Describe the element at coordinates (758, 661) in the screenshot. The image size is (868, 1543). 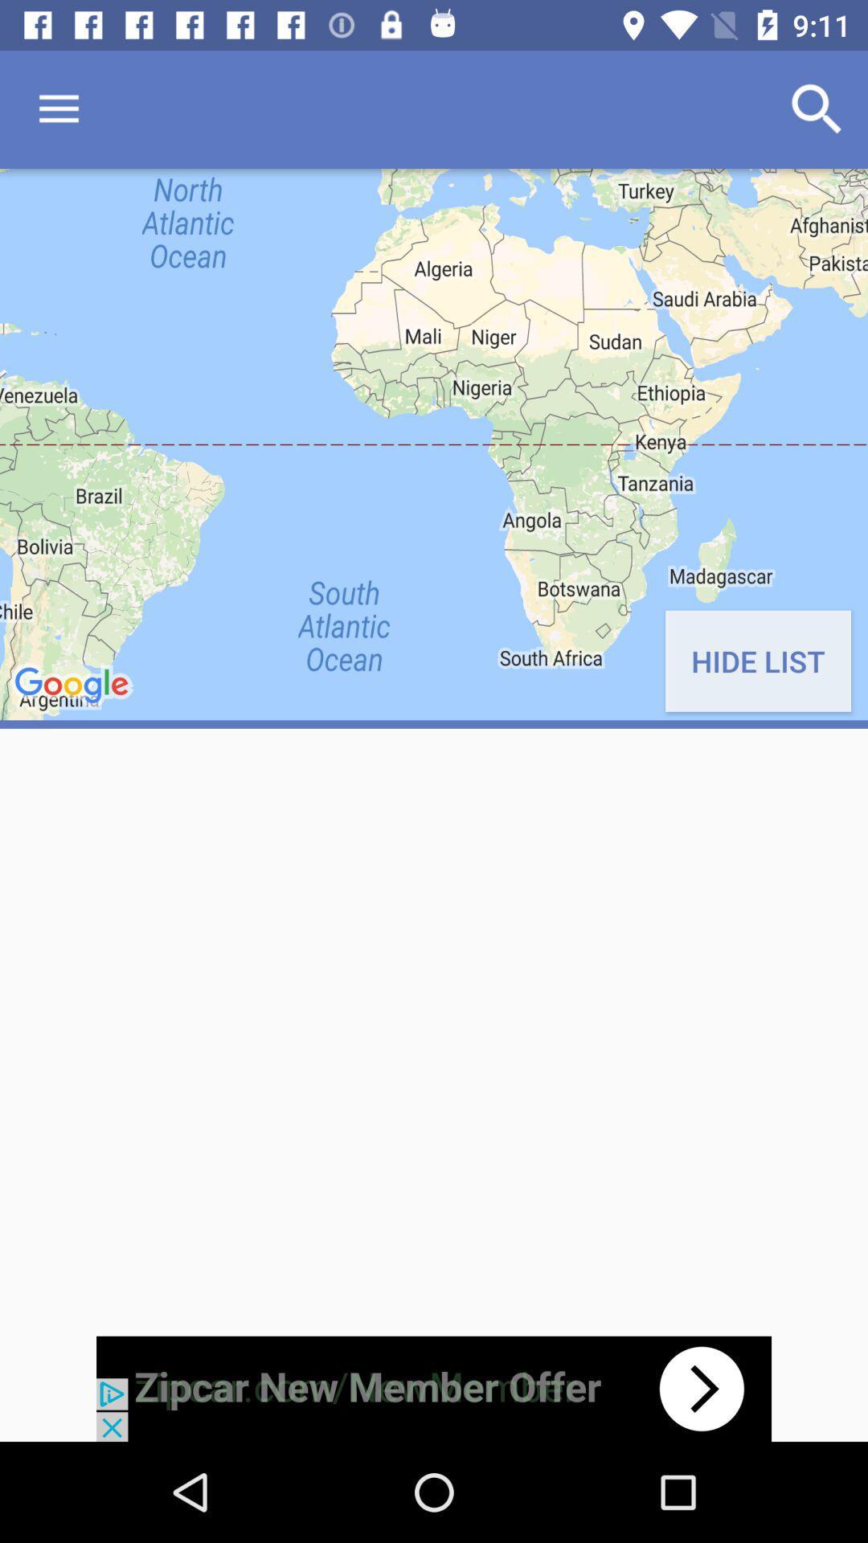
I see `the hide list on the right` at that location.